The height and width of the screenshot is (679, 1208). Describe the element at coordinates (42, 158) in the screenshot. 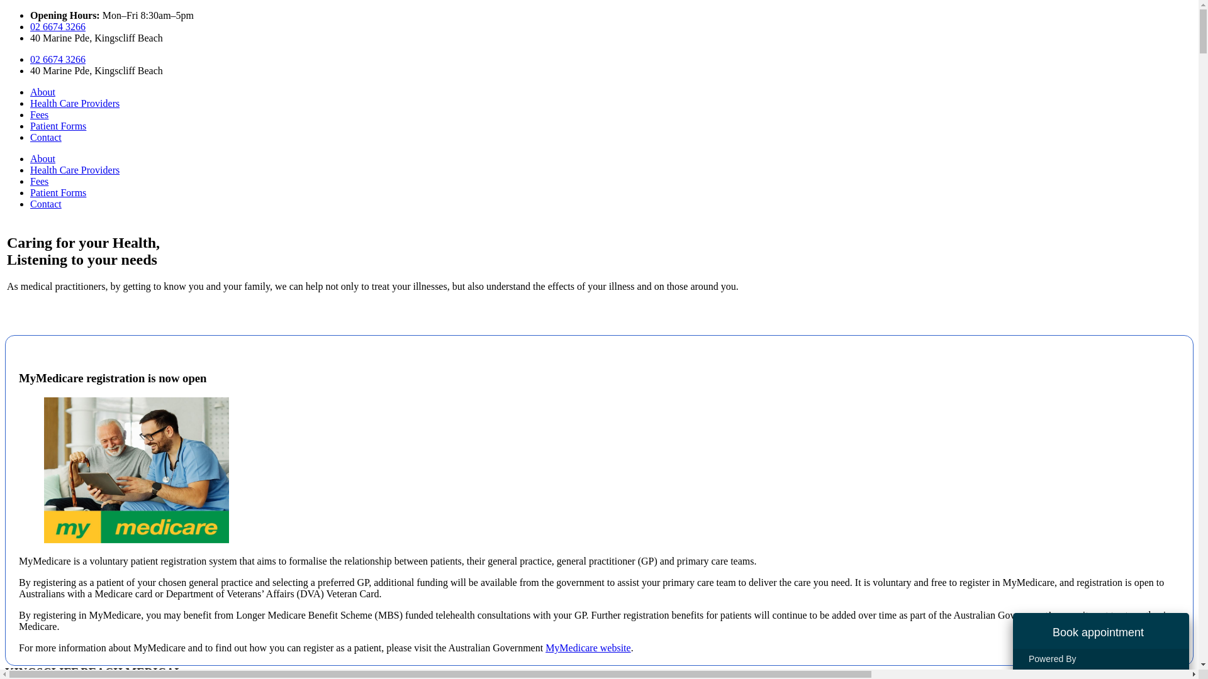

I see `'About'` at that location.